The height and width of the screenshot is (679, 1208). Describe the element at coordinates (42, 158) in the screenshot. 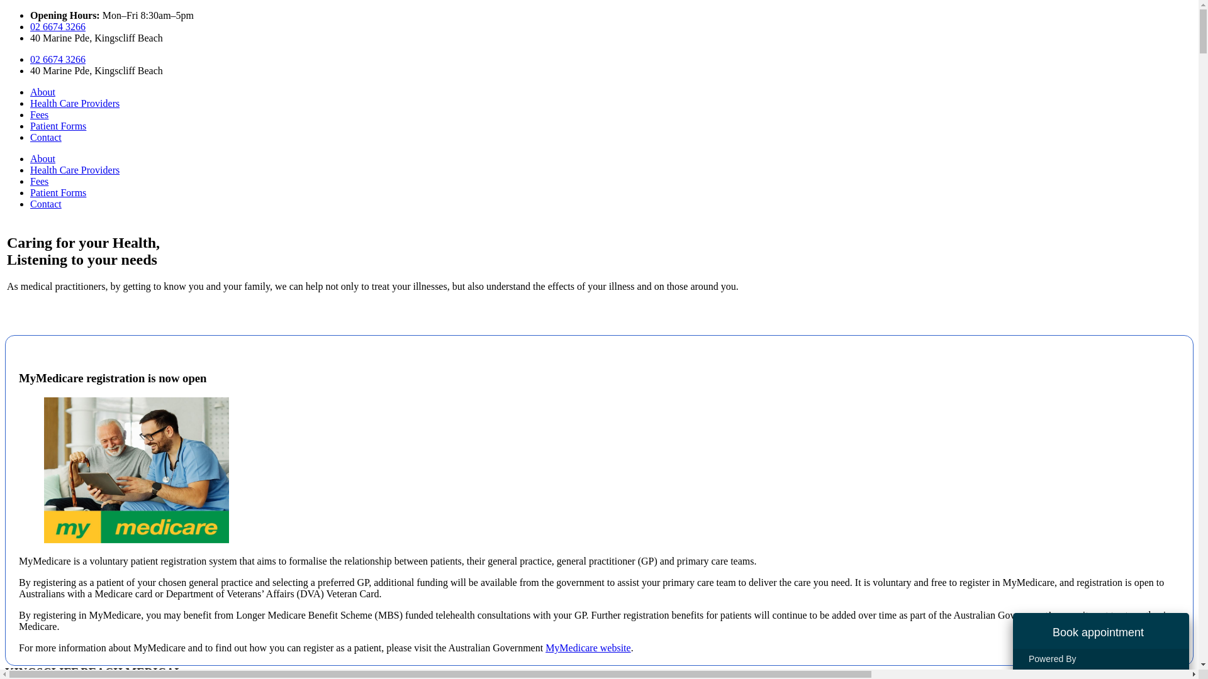

I see `'About'` at that location.